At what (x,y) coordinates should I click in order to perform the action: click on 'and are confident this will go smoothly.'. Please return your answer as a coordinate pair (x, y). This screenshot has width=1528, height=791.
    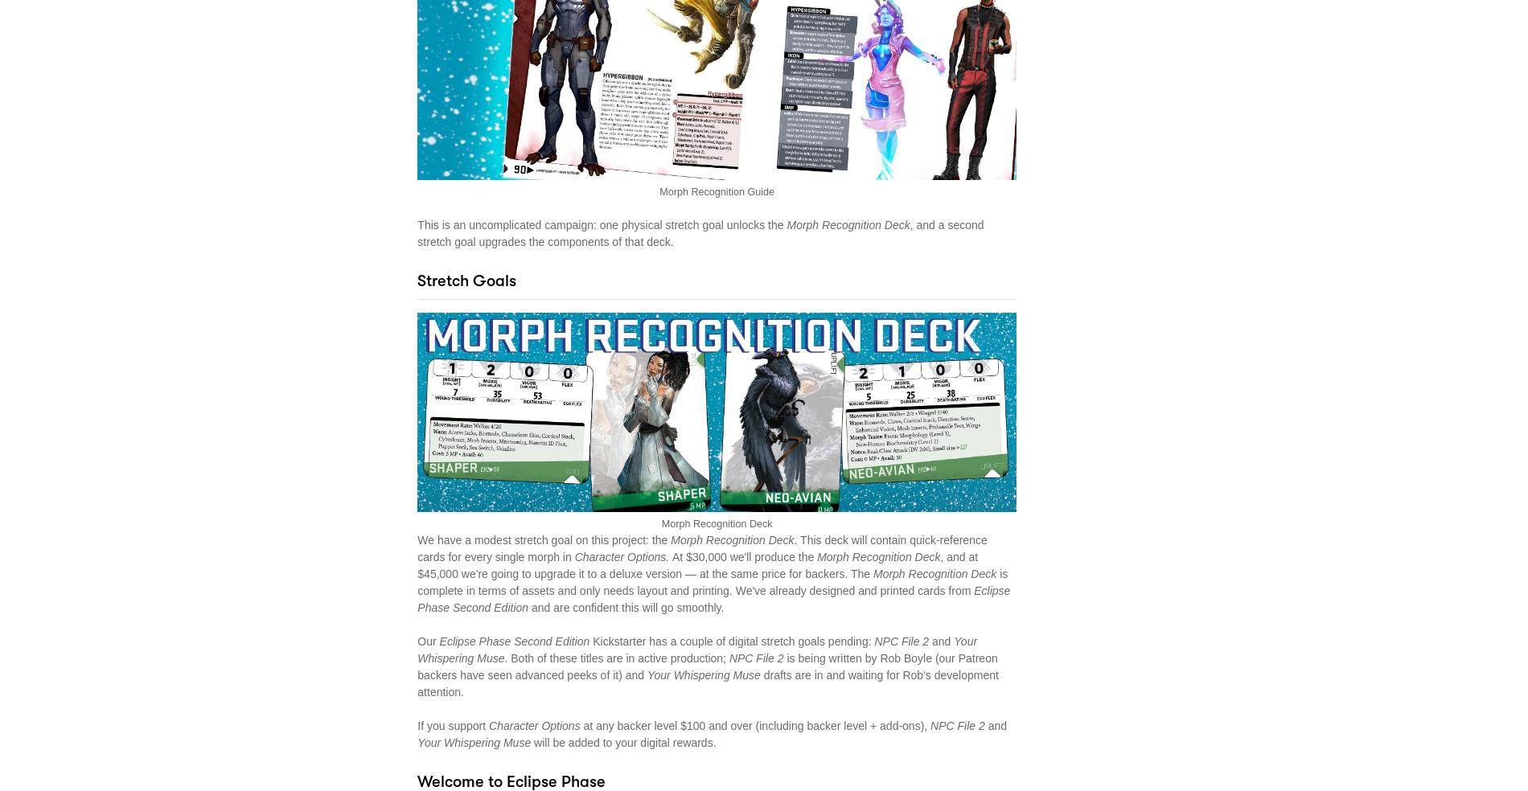
    Looking at the image, I should click on (625, 607).